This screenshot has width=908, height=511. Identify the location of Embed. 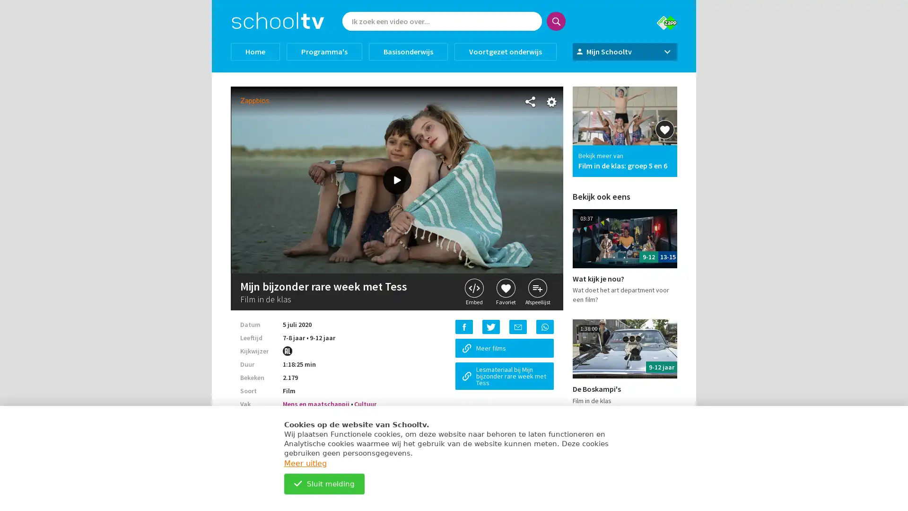
(474, 291).